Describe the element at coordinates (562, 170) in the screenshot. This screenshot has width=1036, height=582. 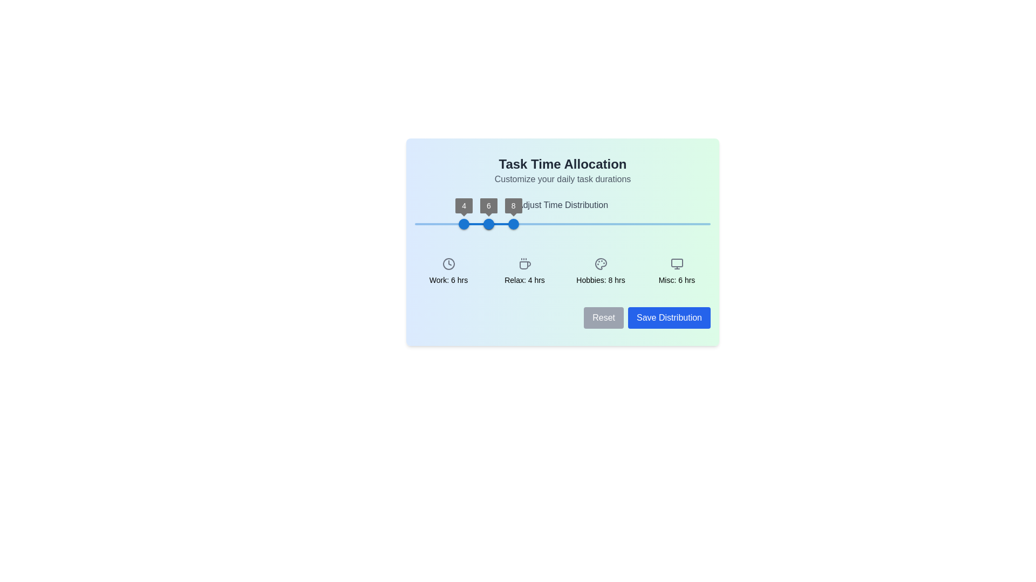
I see `the text element displaying 'Task Time Allocation' with a descriptive paragraph stating 'Customize your daily task durations', located at the top section of a content card with a blue-to-green gradient background` at that location.